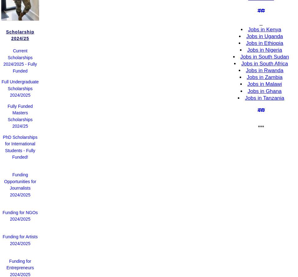 The width and height of the screenshot is (298, 277). Describe the element at coordinates (264, 64) in the screenshot. I see `'Jobs in South Africa'` at that location.